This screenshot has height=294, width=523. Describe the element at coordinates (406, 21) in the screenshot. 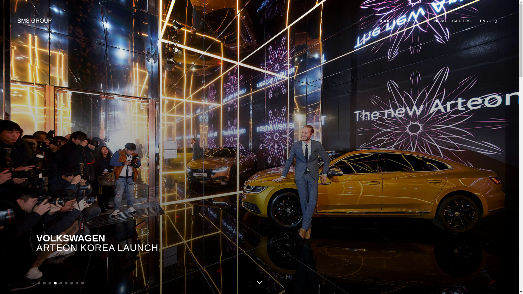

I see `'PORTFOLIO'` at that location.